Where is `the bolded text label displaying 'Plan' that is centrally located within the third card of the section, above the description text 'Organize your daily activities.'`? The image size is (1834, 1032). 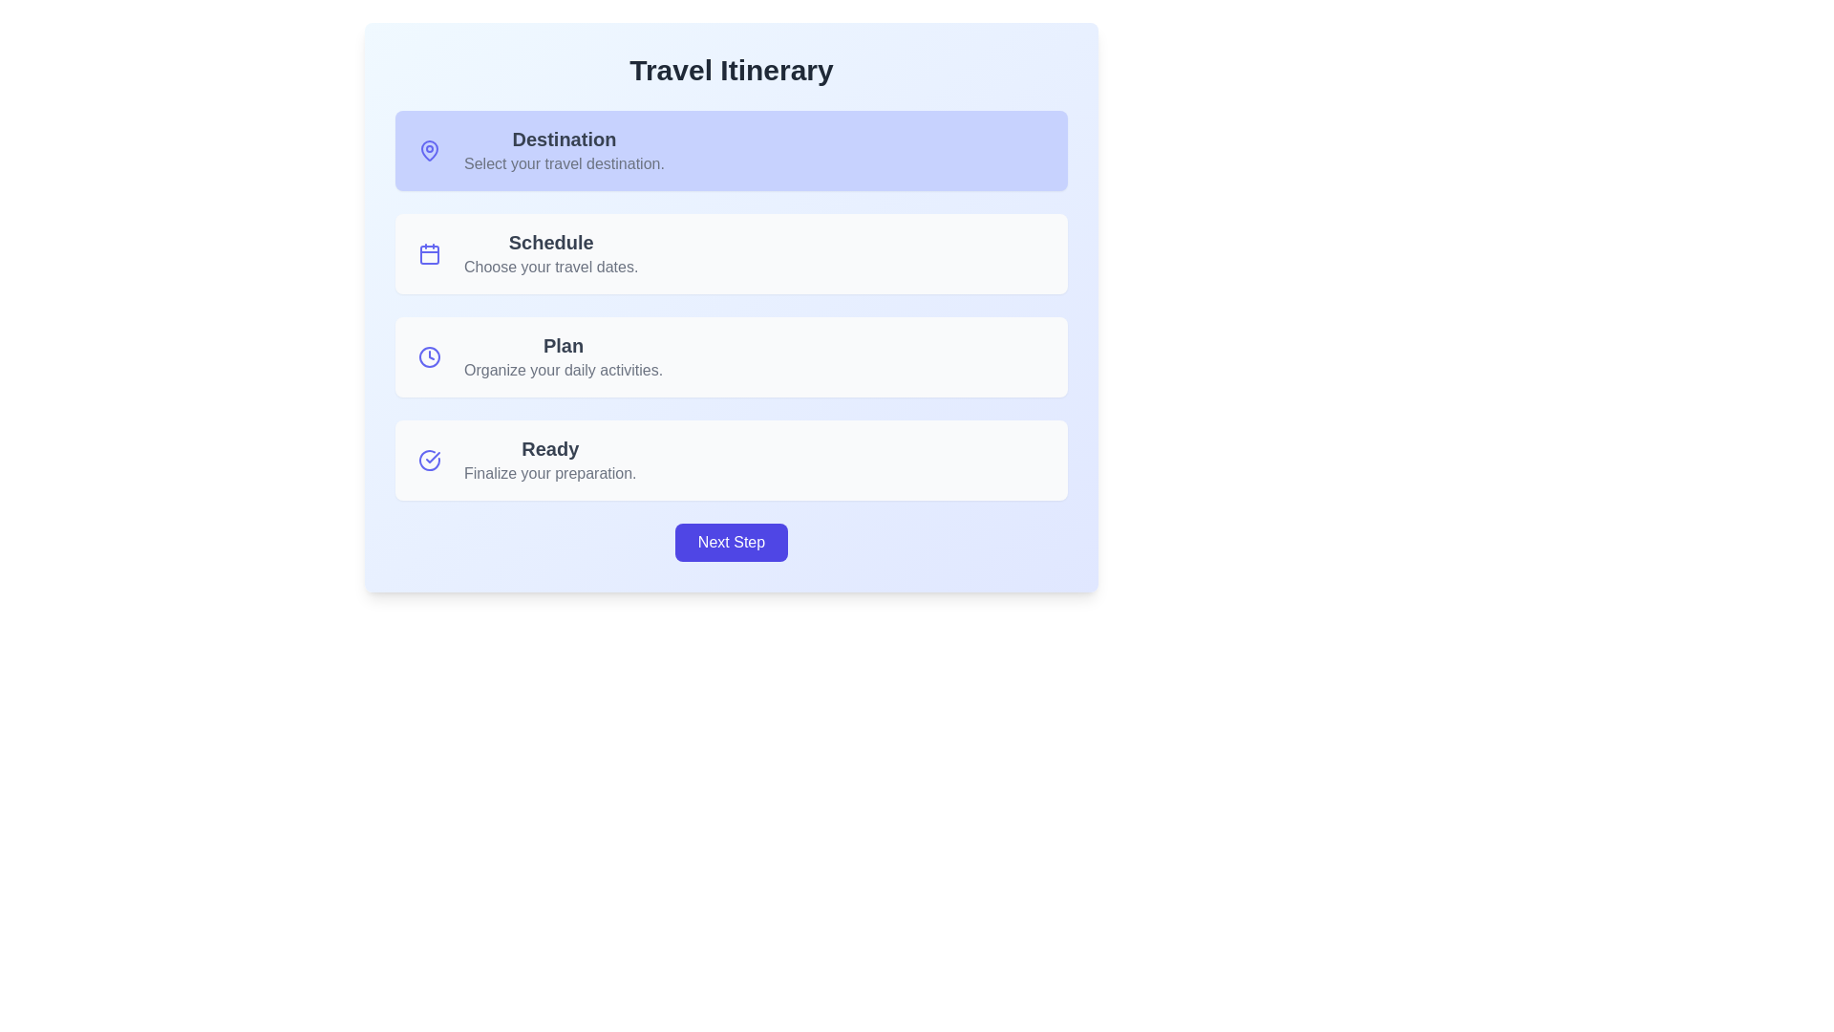
the bolded text label displaying 'Plan' that is centrally located within the third card of the section, above the description text 'Organize your daily activities.' is located at coordinates (563, 346).